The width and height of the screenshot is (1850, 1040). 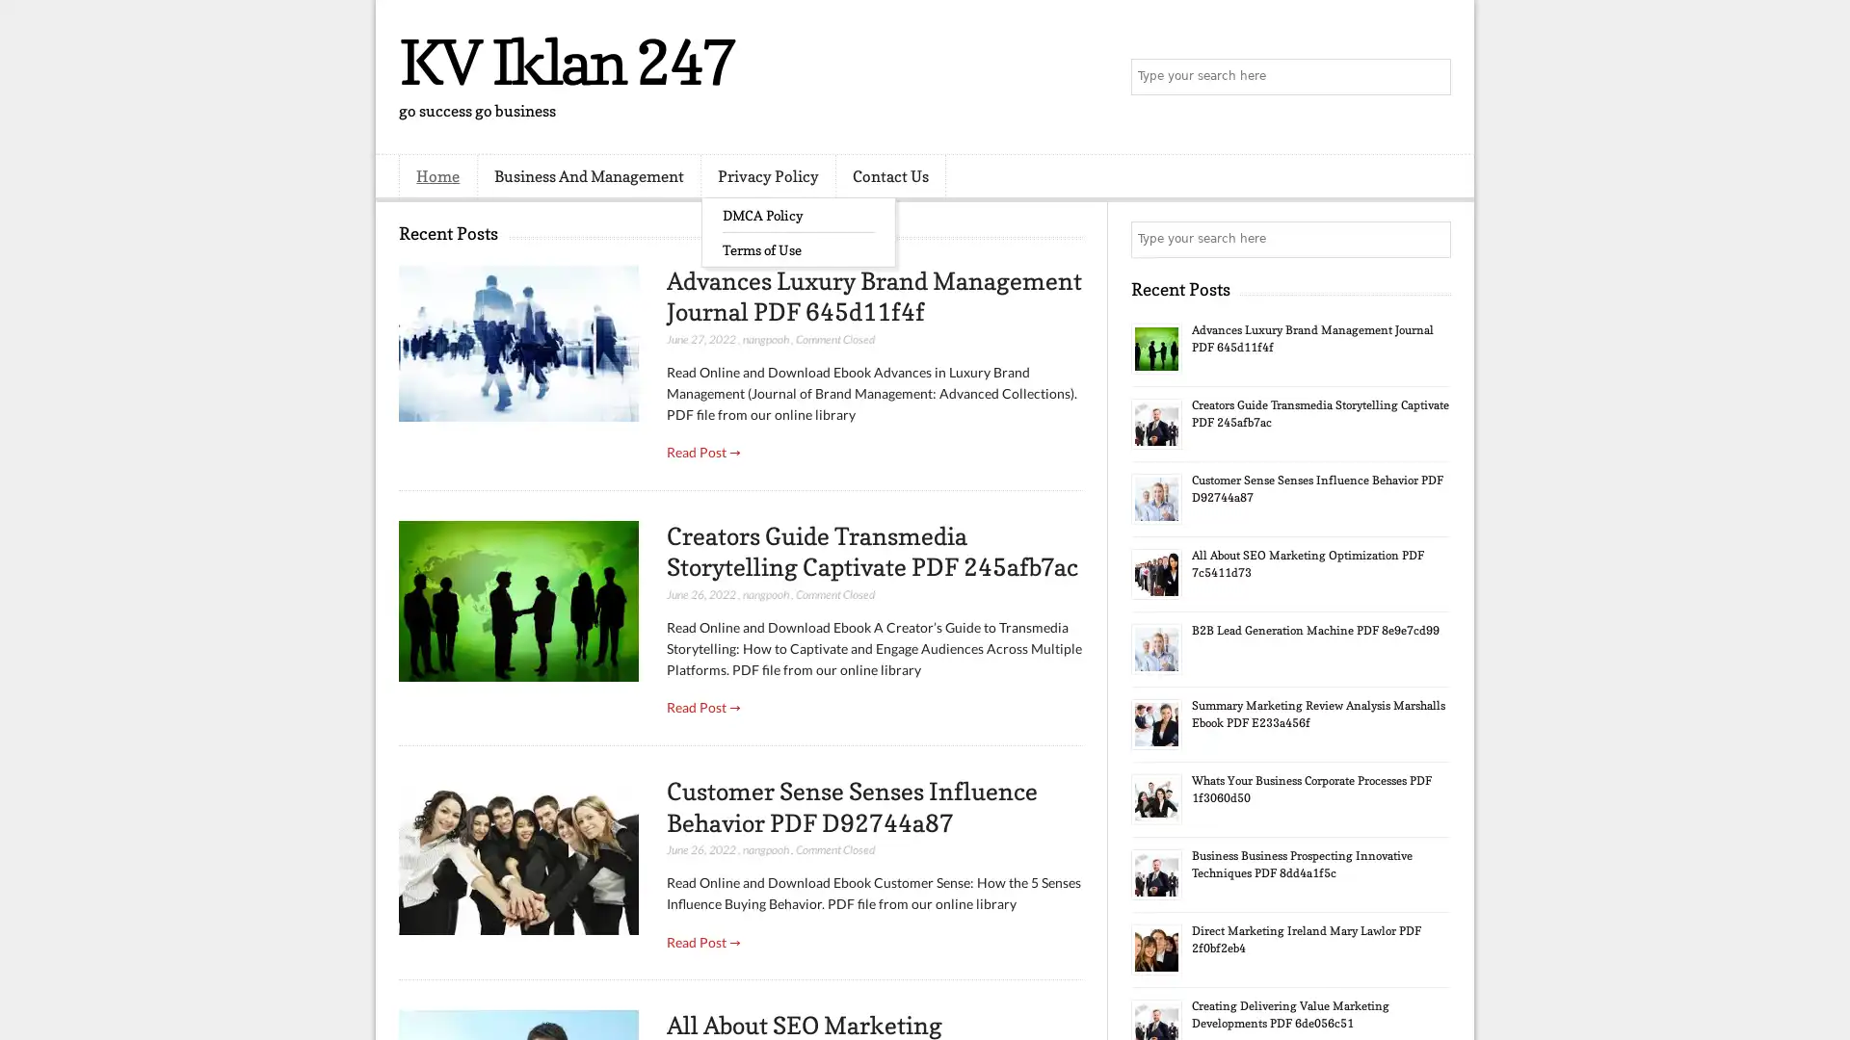 I want to click on Search, so click(x=1431, y=239).